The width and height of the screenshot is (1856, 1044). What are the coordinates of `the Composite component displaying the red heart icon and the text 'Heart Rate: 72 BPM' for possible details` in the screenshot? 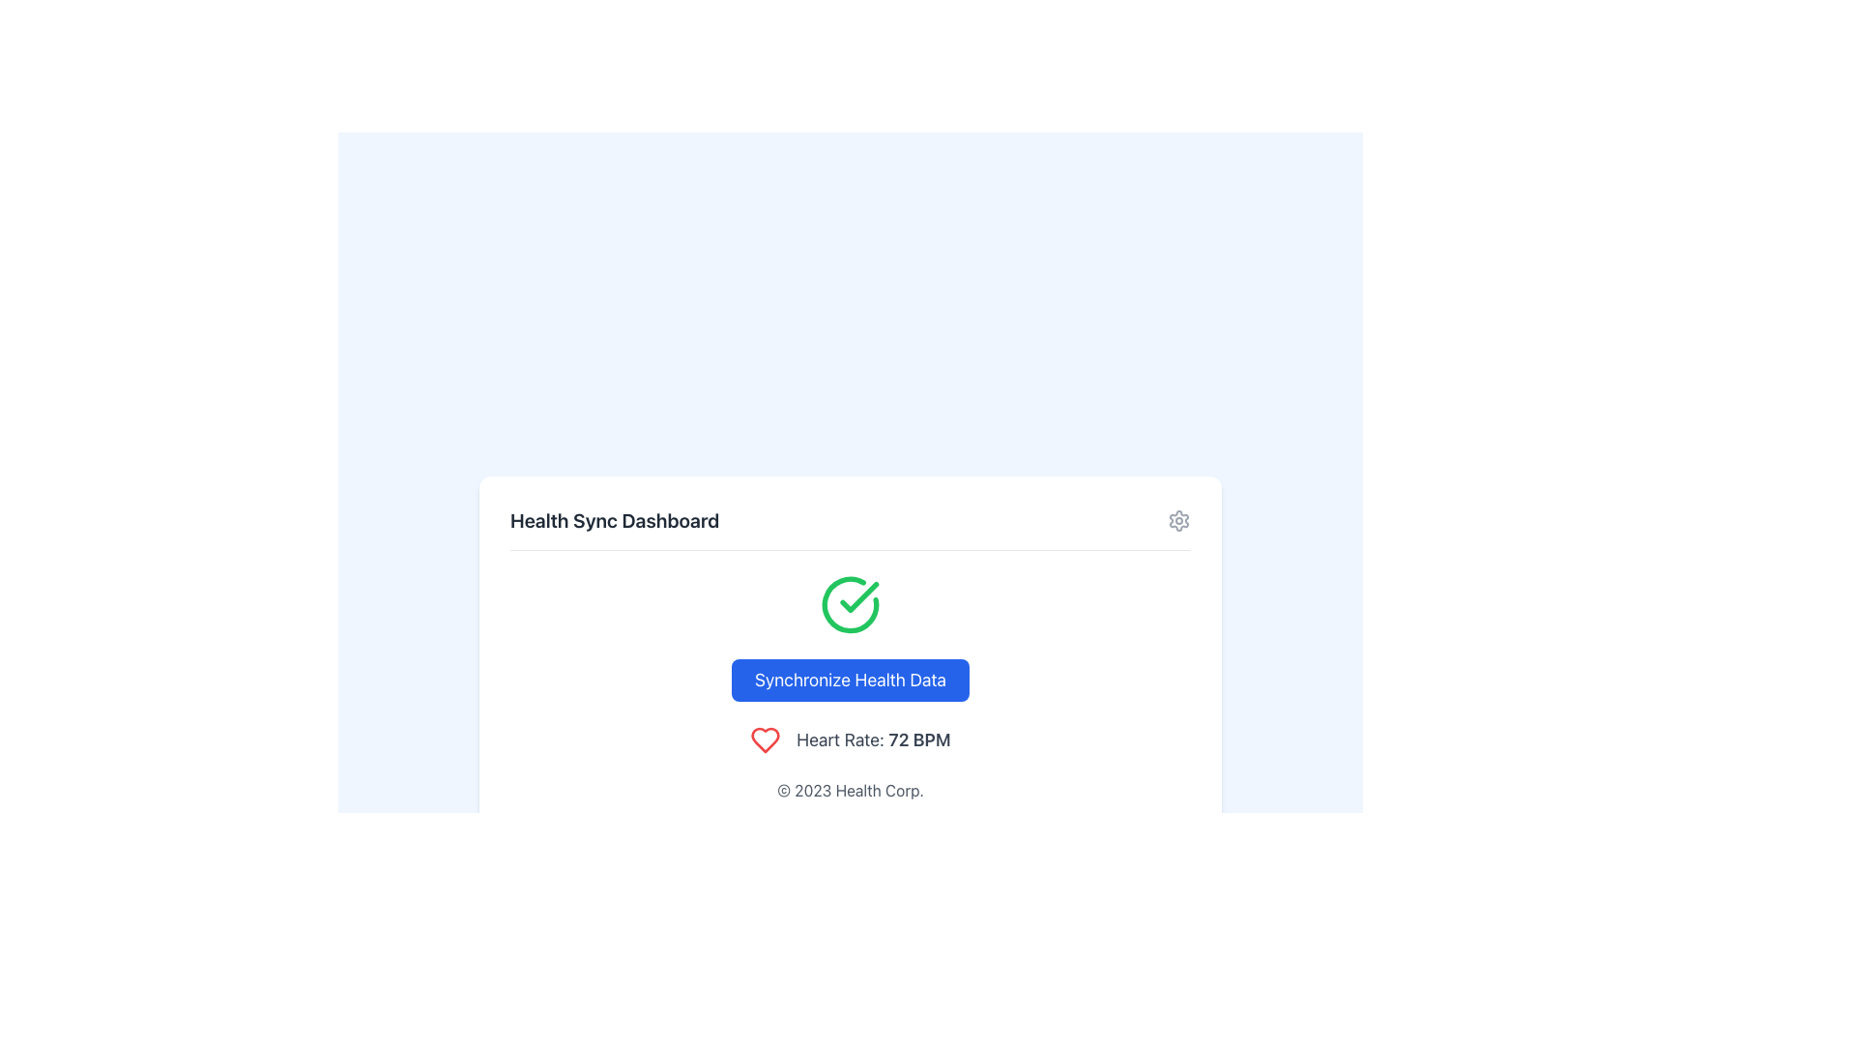 It's located at (850, 739).